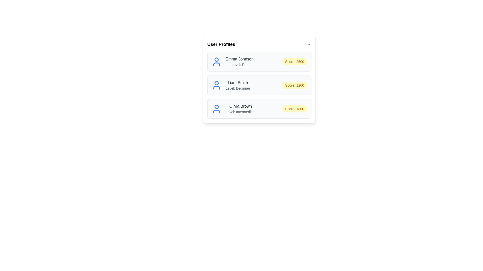 This screenshot has height=271, width=483. What do you see at coordinates (237, 85) in the screenshot?
I see `the user name and level label displaying 'Liam Smith' and 'Level: Beginner' in the second user profile card of the 'User Profiles' list` at bounding box center [237, 85].